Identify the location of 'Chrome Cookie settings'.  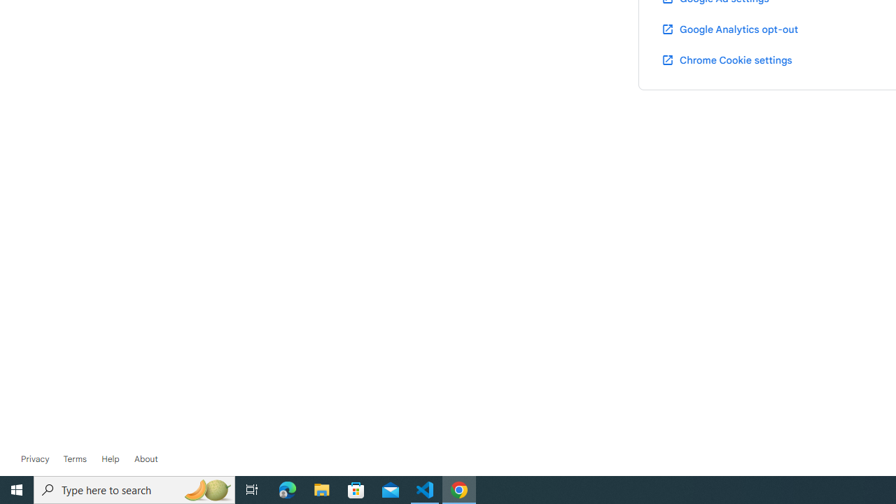
(727, 59).